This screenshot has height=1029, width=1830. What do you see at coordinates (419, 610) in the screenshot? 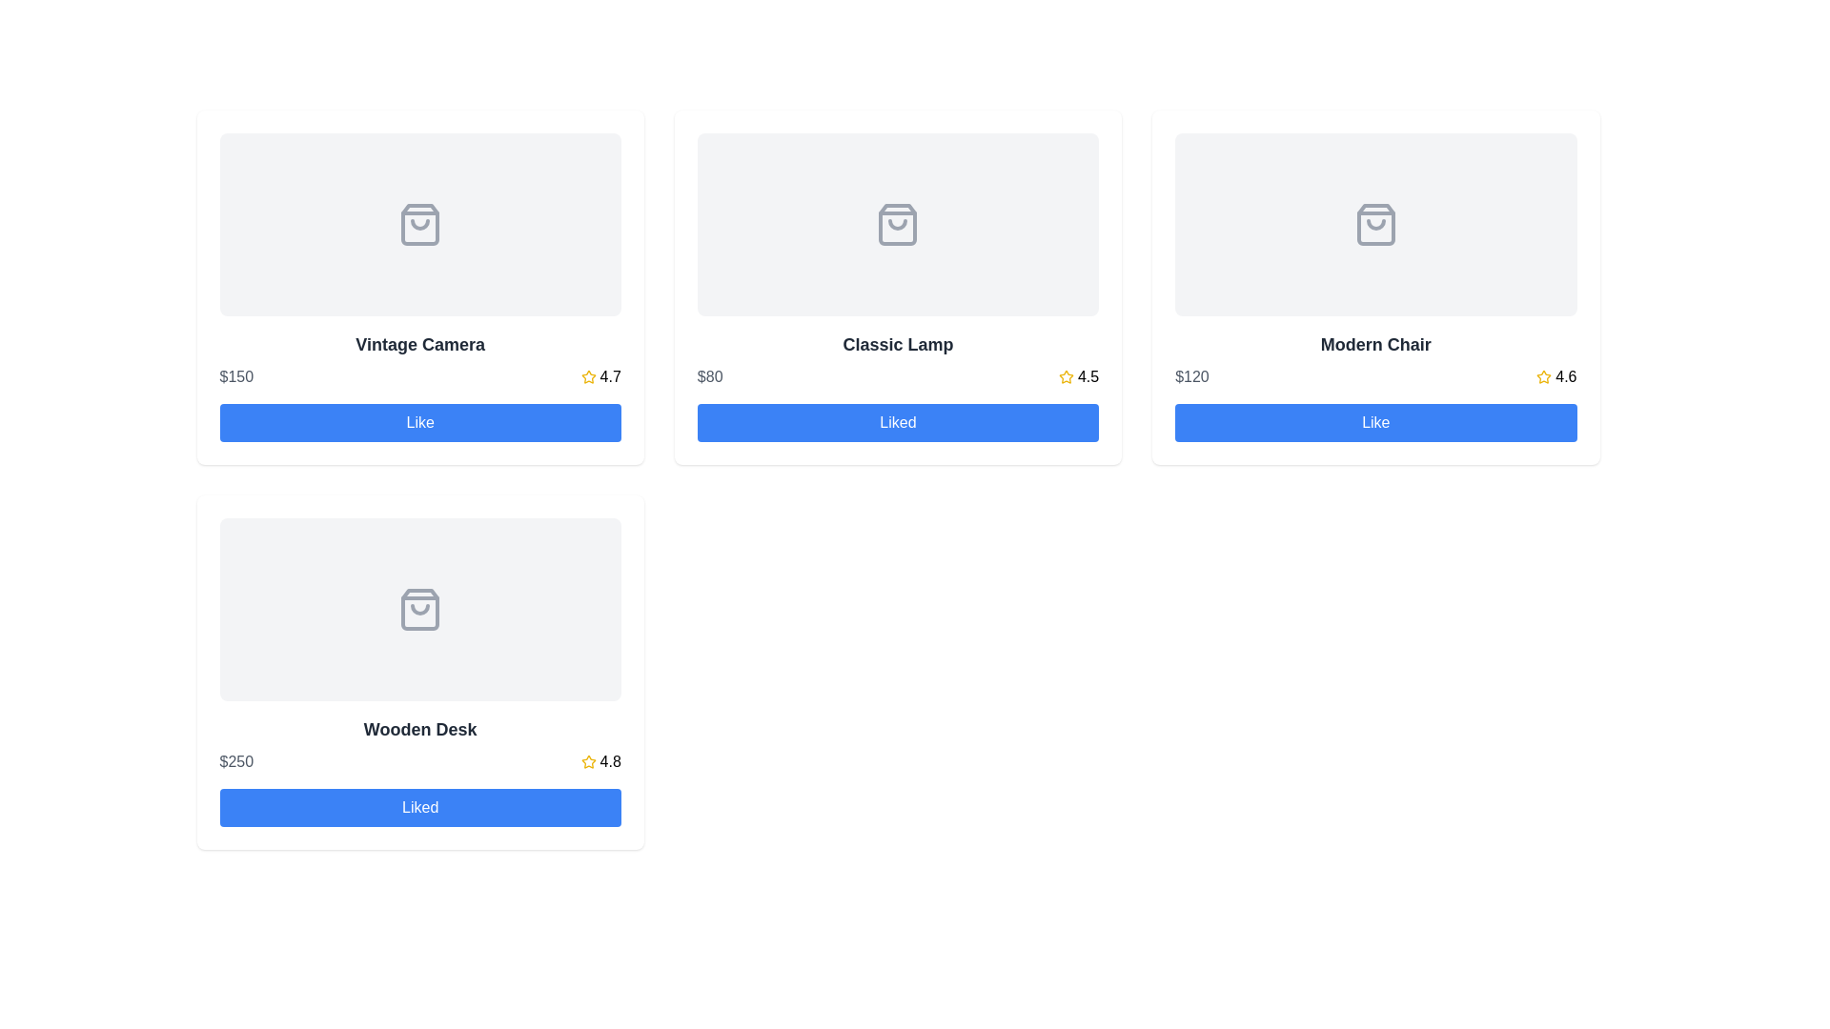
I see `the shopping bag icon located in the lower-left card displaying the 'Wooden Desk' product, which is centered in the light gray background area of the card` at bounding box center [419, 610].